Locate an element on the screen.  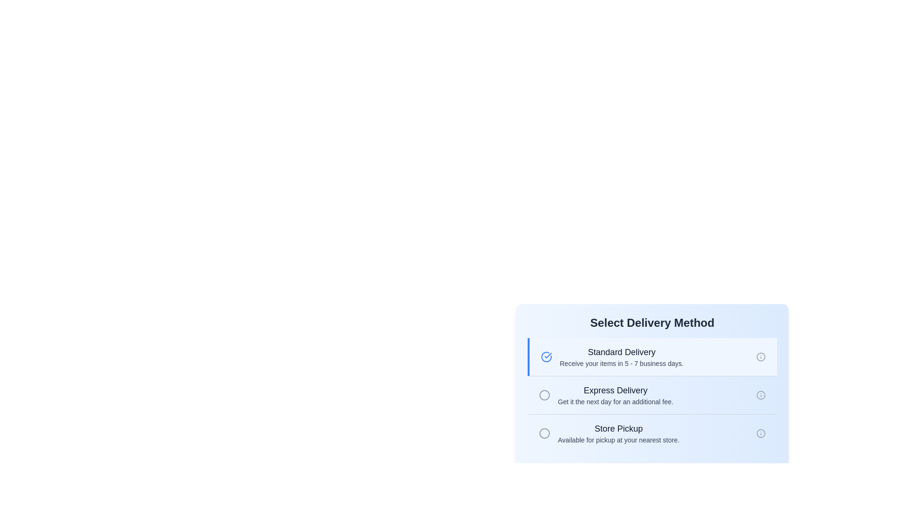
the 'Express Delivery' text label, which indicates the delivery method option and is positioned below 'Standard Delivery' is located at coordinates (616, 390).